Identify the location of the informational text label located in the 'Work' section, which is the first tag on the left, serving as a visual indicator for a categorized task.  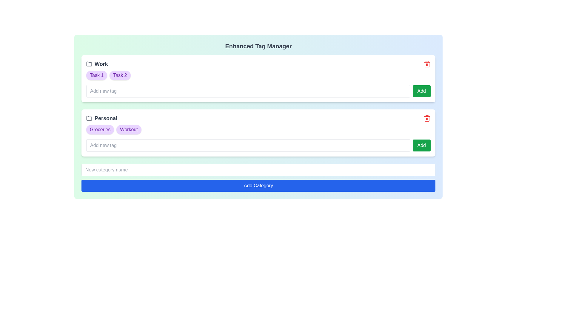
(97, 75).